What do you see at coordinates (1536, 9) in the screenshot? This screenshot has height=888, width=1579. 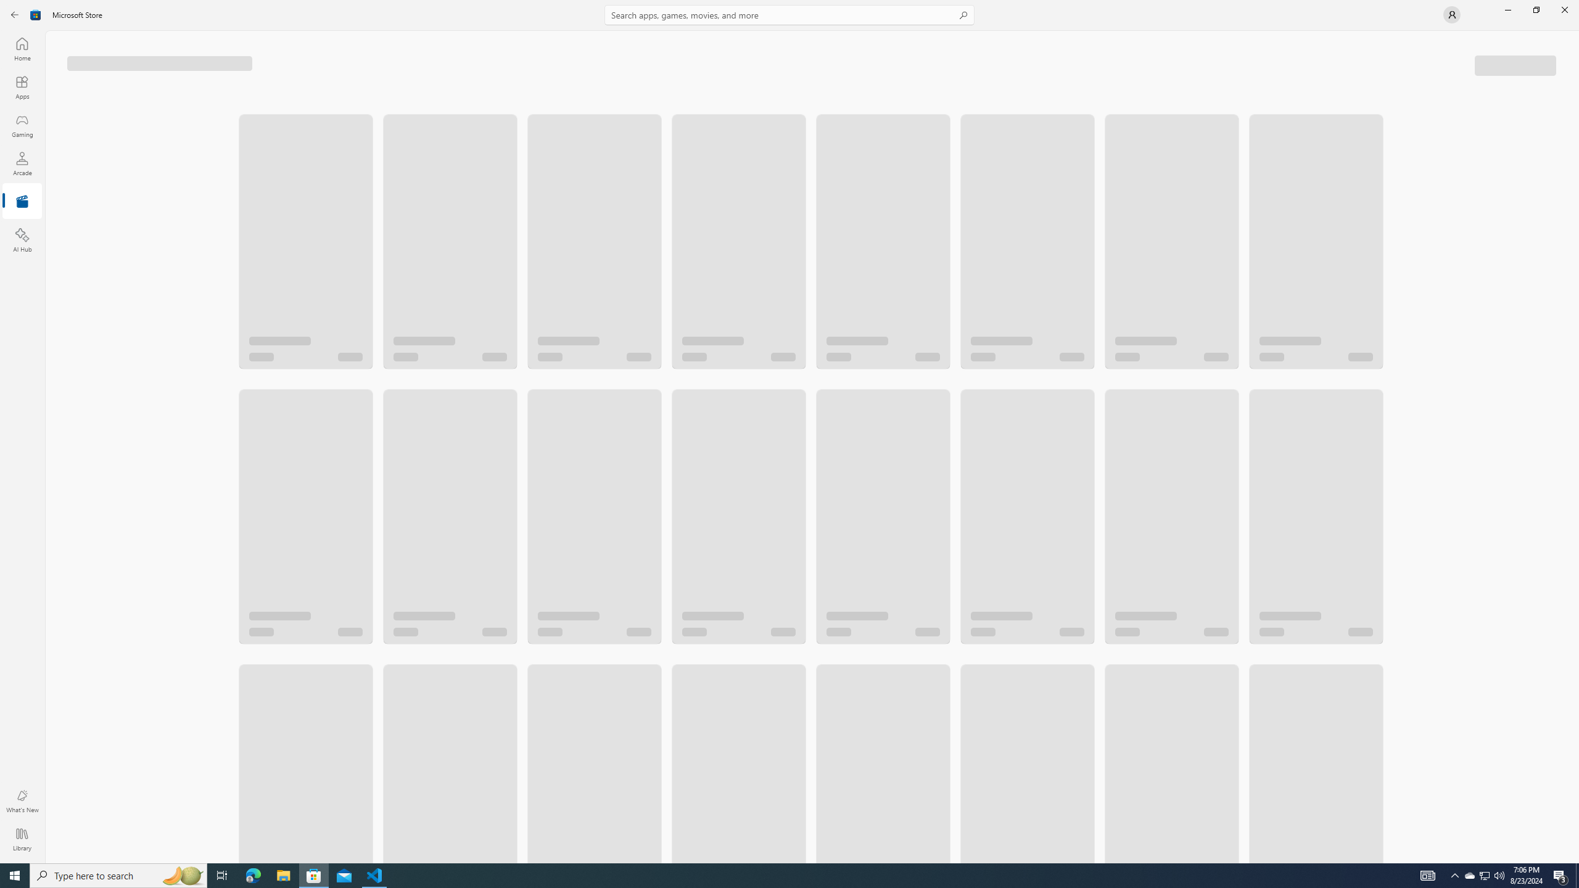 I see `'Restore Microsoft Store'` at bounding box center [1536, 9].